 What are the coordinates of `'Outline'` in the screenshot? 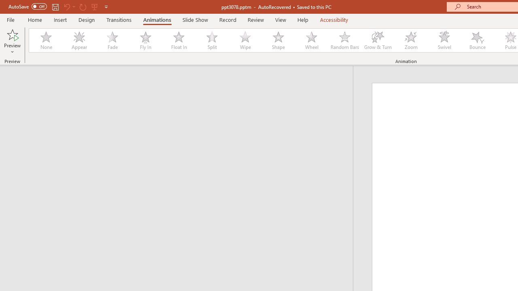 It's located at (180, 82).